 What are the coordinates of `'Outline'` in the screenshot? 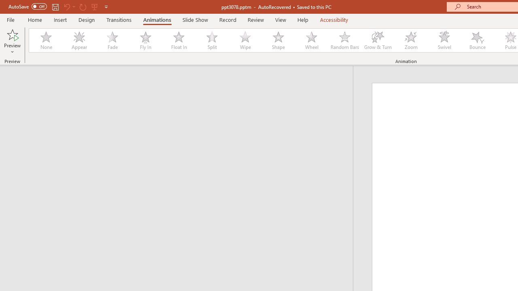 It's located at (180, 82).